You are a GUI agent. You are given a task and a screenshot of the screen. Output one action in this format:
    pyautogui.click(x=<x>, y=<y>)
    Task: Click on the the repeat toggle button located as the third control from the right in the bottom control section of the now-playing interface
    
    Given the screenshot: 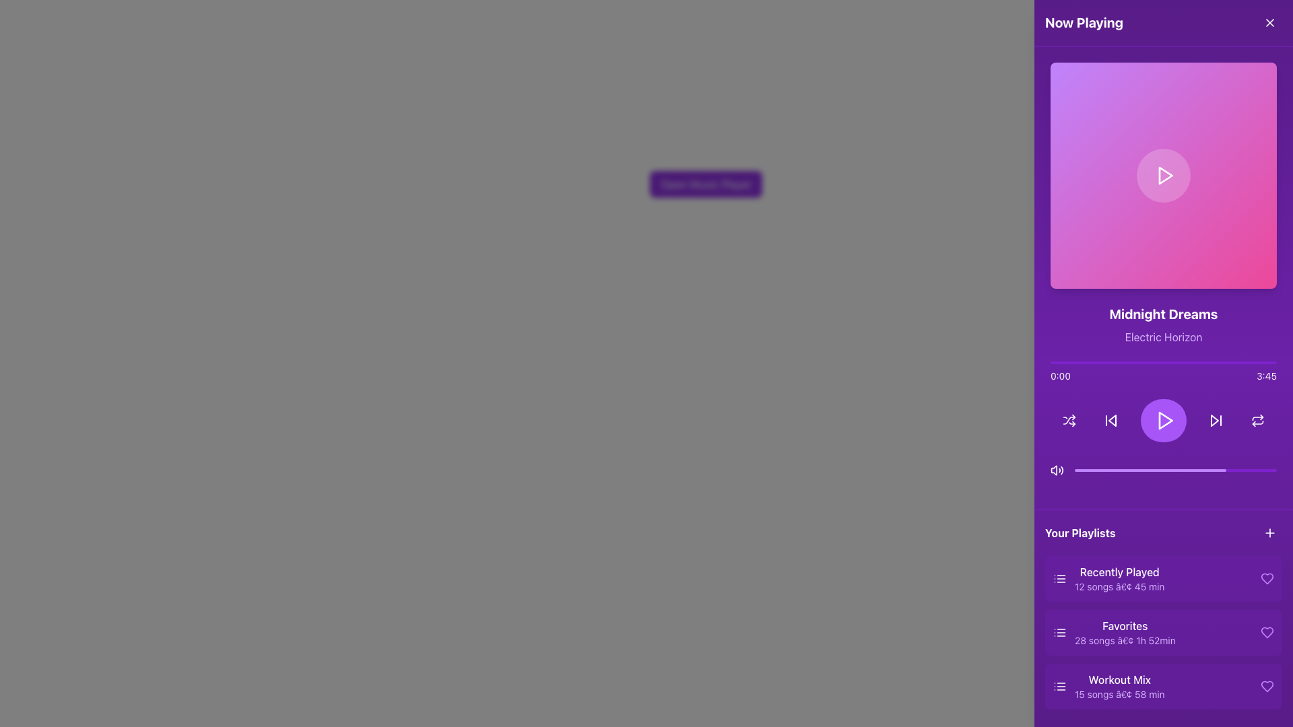 What is the action you would take?
    pyautogui.click(x=1257, y=419)
    